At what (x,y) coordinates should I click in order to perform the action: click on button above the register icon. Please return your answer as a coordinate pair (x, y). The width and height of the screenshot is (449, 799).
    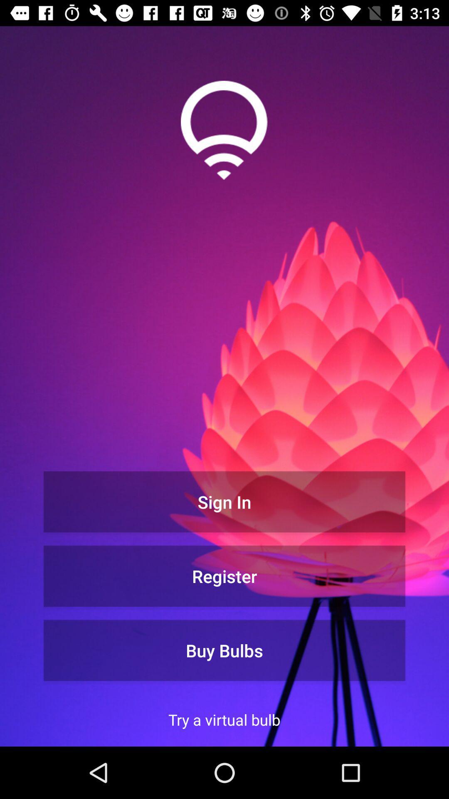
    Looking at the image, I should click on (224, 501).